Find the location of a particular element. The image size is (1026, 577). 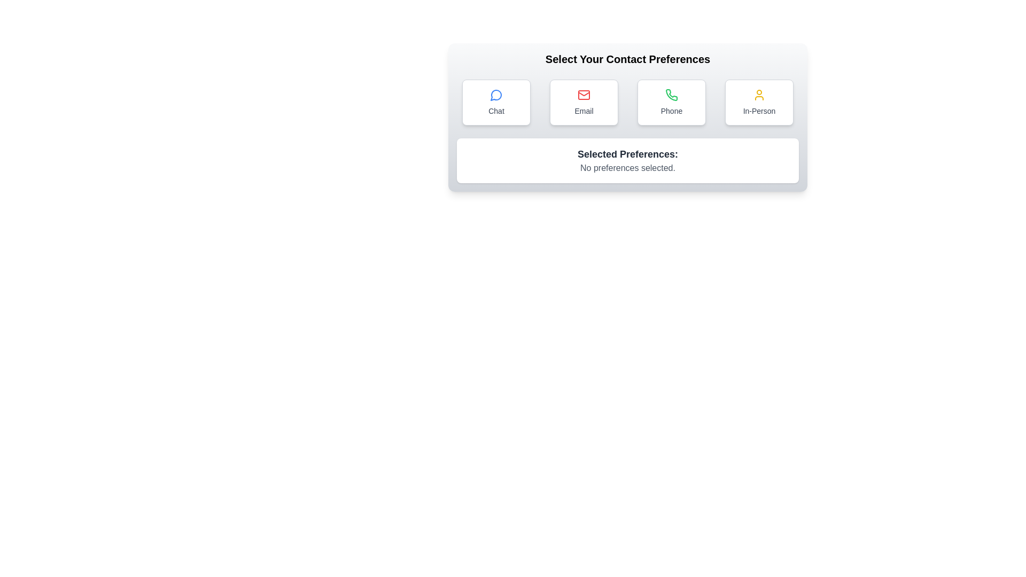

the Chat button to select the corresponding contact preference is located at coordinates (496, 103).